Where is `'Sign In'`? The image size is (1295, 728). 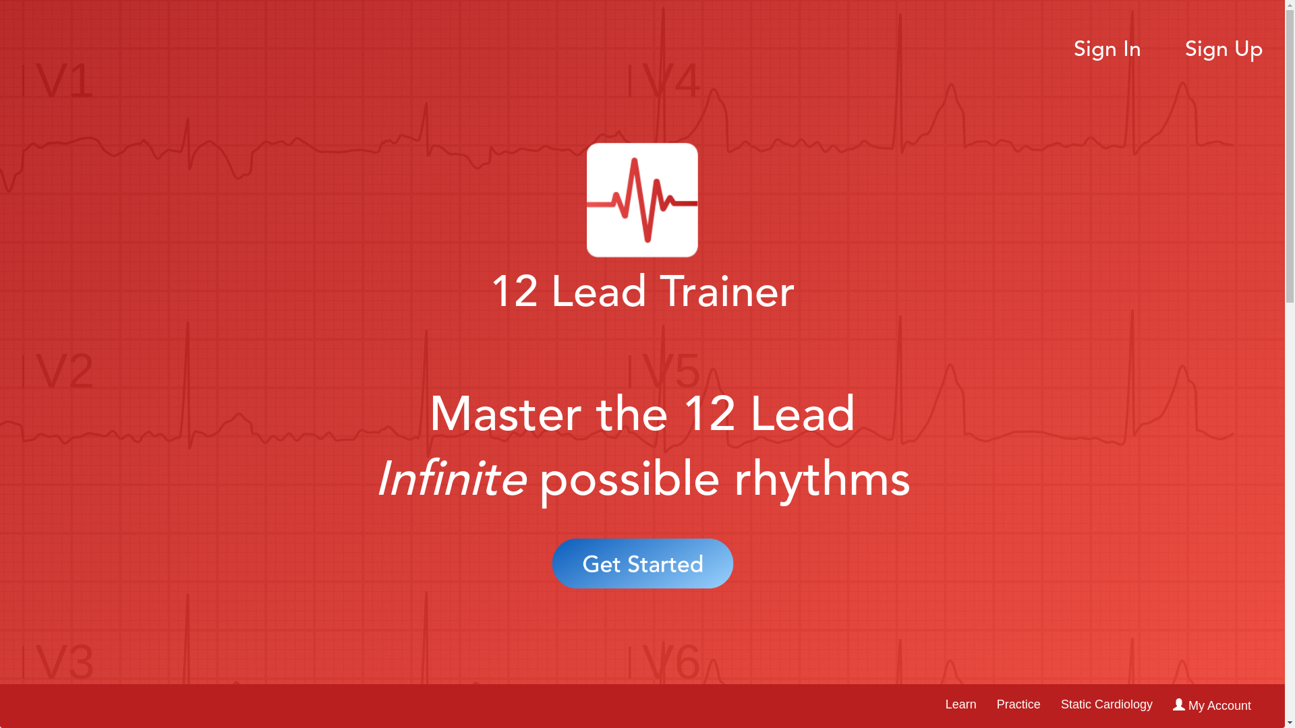
'Sign In' is located at coordinates (1107, 49).